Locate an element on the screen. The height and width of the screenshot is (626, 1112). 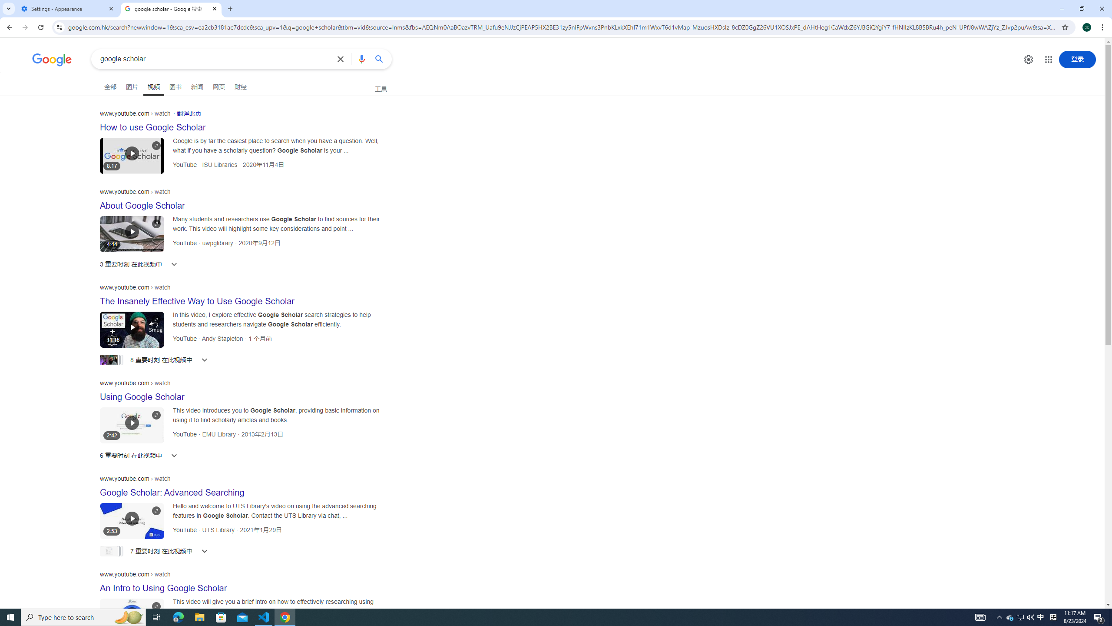
'Settings - Appearance' is located at coordinates (67, 8).